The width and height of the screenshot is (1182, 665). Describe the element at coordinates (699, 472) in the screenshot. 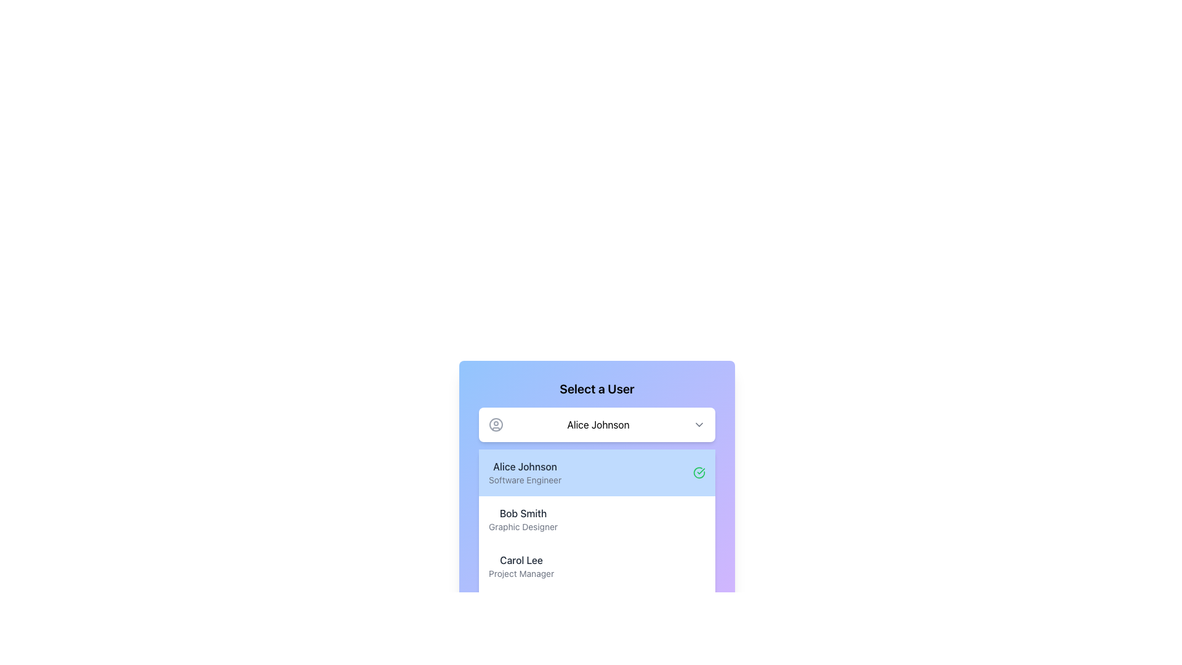

I see `the circular icon with a green stroke and checkmark symbol located in the top-right corner of the blue selection panel labeled 'Alice Johnson Software Engineer'` at that location.